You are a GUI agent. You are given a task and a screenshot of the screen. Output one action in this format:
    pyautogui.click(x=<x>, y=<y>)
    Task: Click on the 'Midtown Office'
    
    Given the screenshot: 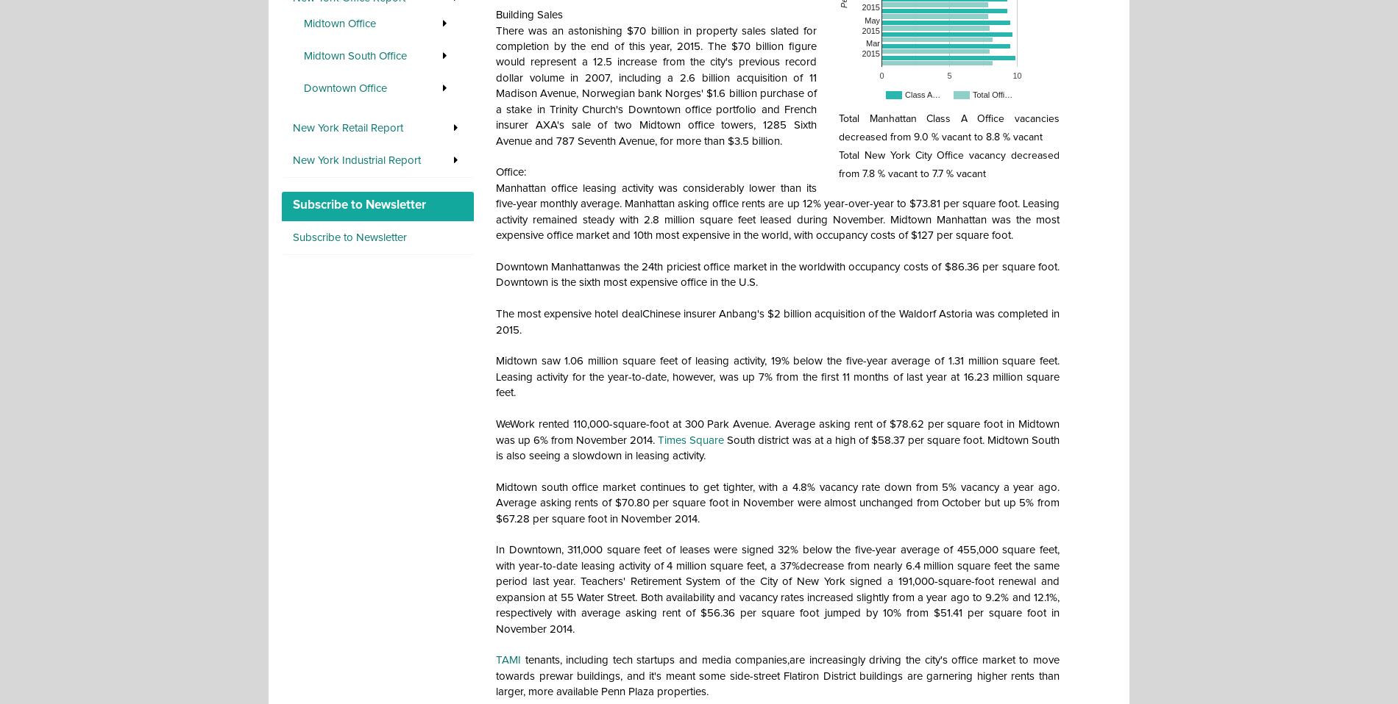 What is the action you would take?
    pyautogui.click(x=339, y=22)
    